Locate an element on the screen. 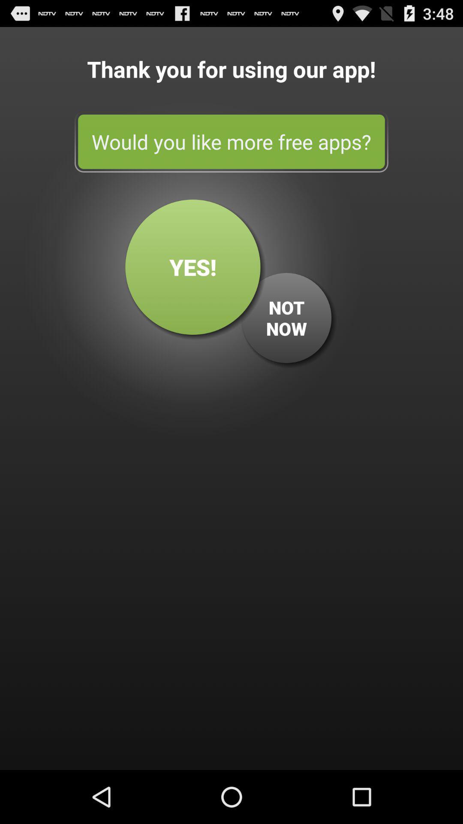  the item below would you like app is located at coordinates (286, 317).